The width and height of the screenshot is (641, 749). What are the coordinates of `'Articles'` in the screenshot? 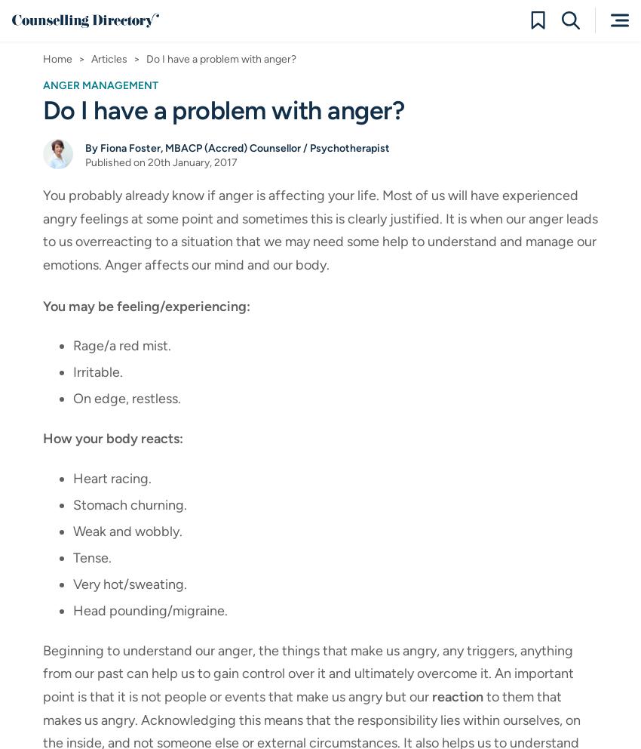 It's located at (109, 59).